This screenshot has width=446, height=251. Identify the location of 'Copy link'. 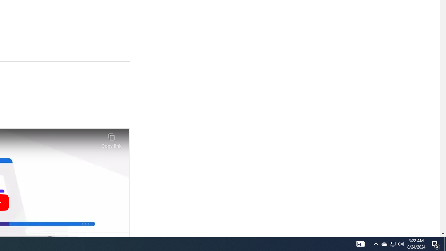
(111, 139).